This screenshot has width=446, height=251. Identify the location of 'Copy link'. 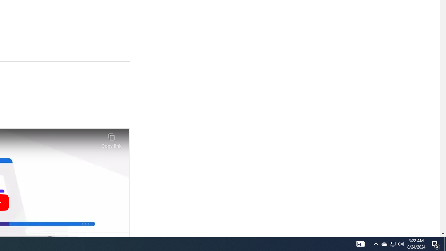
(111, 139).